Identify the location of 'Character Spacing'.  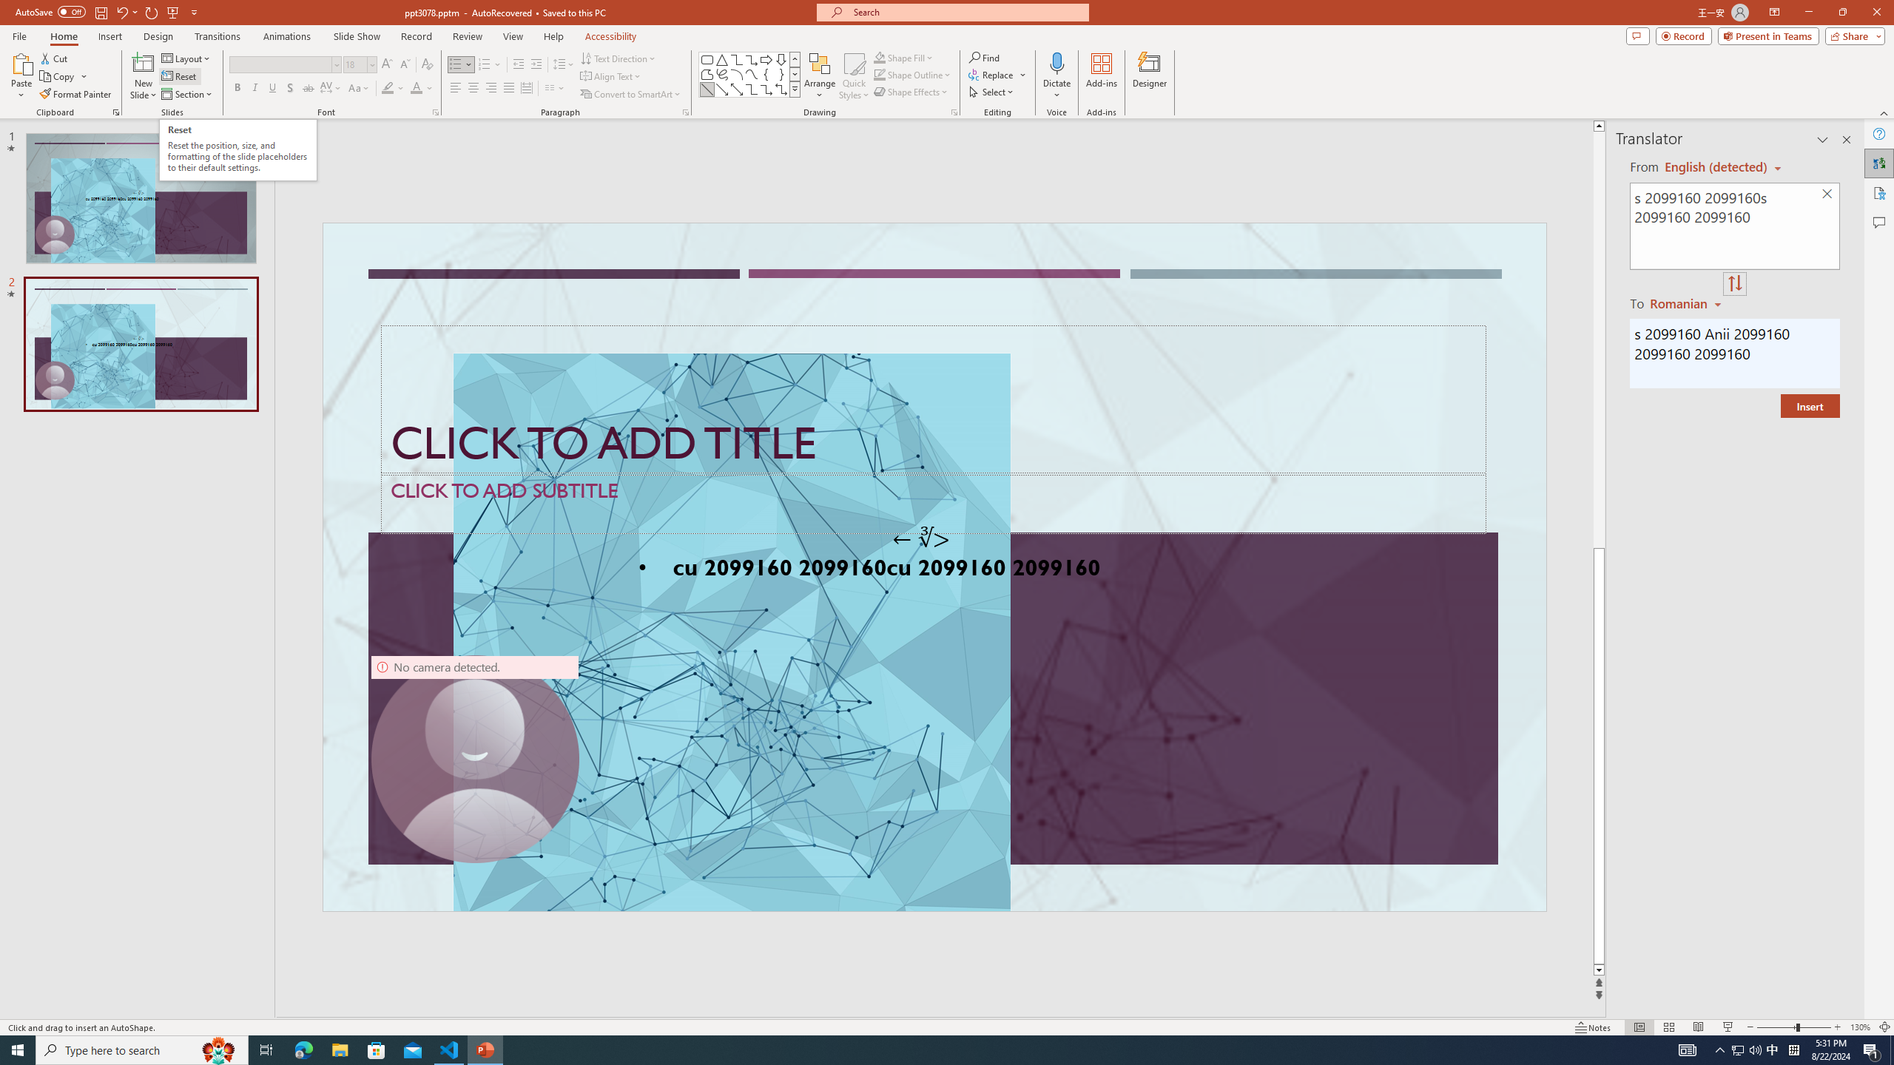
(331, 87).